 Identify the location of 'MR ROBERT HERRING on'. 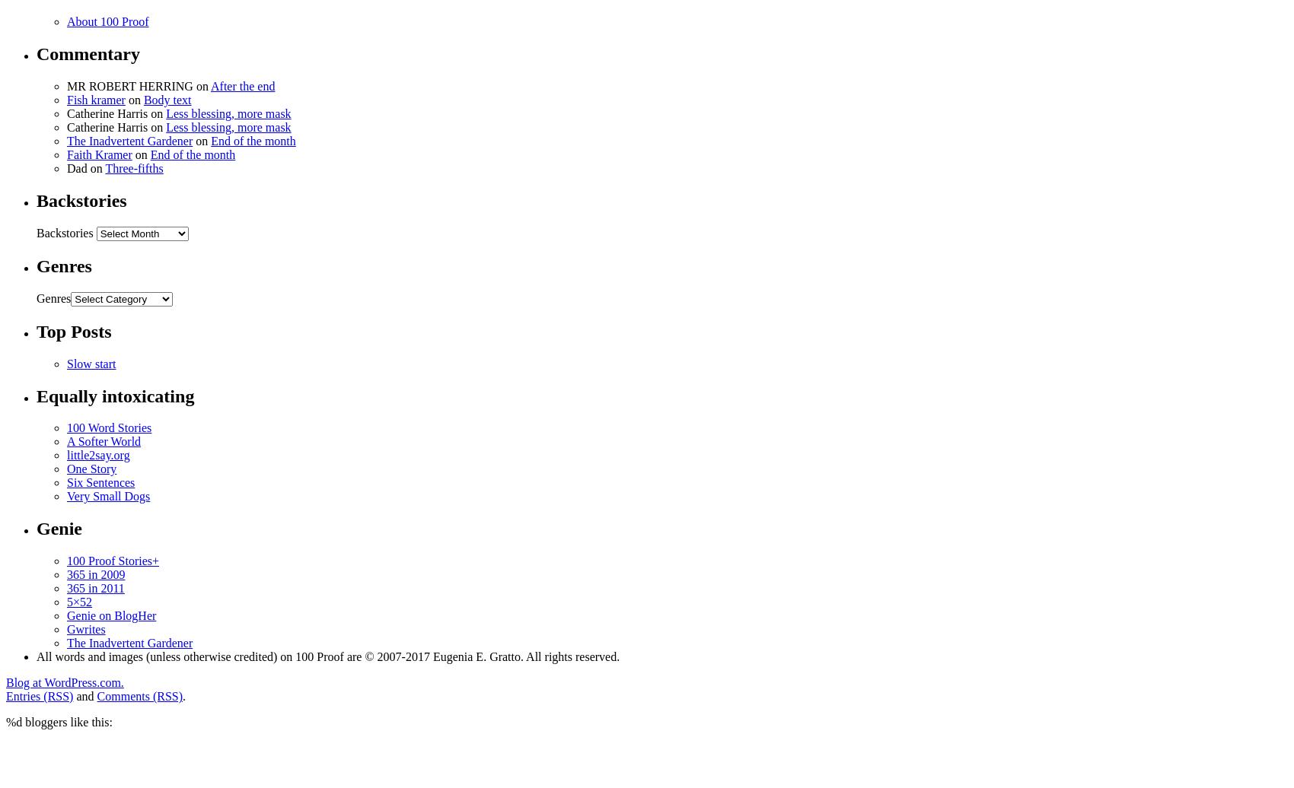
(138, 86).